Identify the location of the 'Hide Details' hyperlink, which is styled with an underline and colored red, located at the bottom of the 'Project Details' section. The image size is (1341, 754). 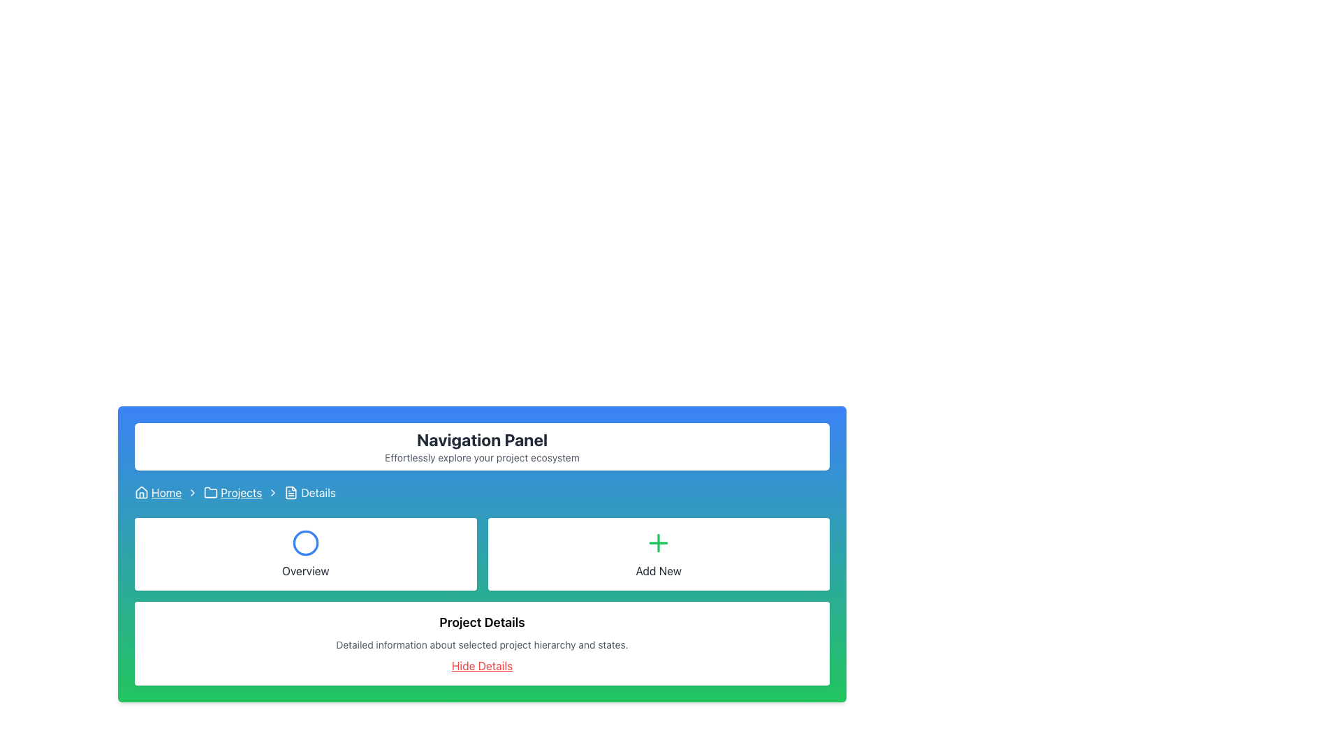
(482, 665).